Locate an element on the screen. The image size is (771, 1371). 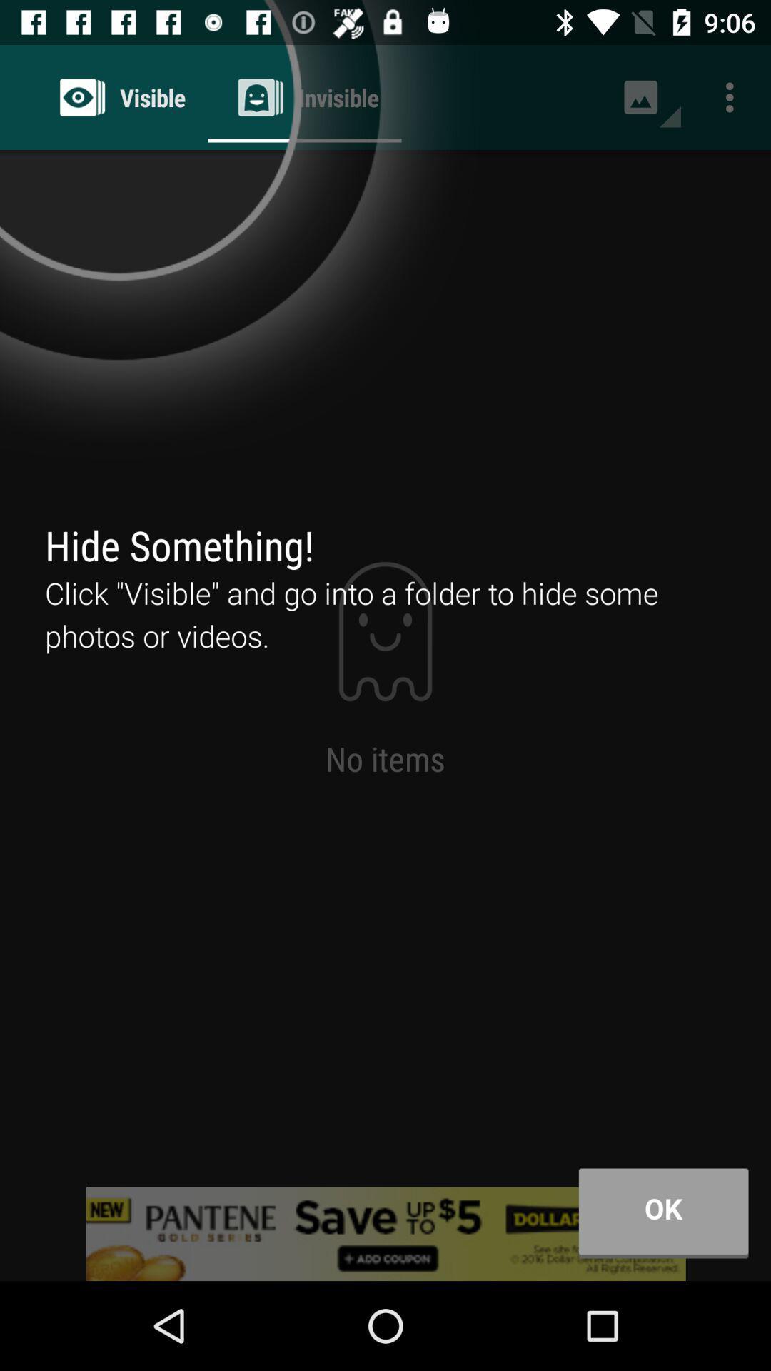
search about add is located at coordinates (385, 1233).